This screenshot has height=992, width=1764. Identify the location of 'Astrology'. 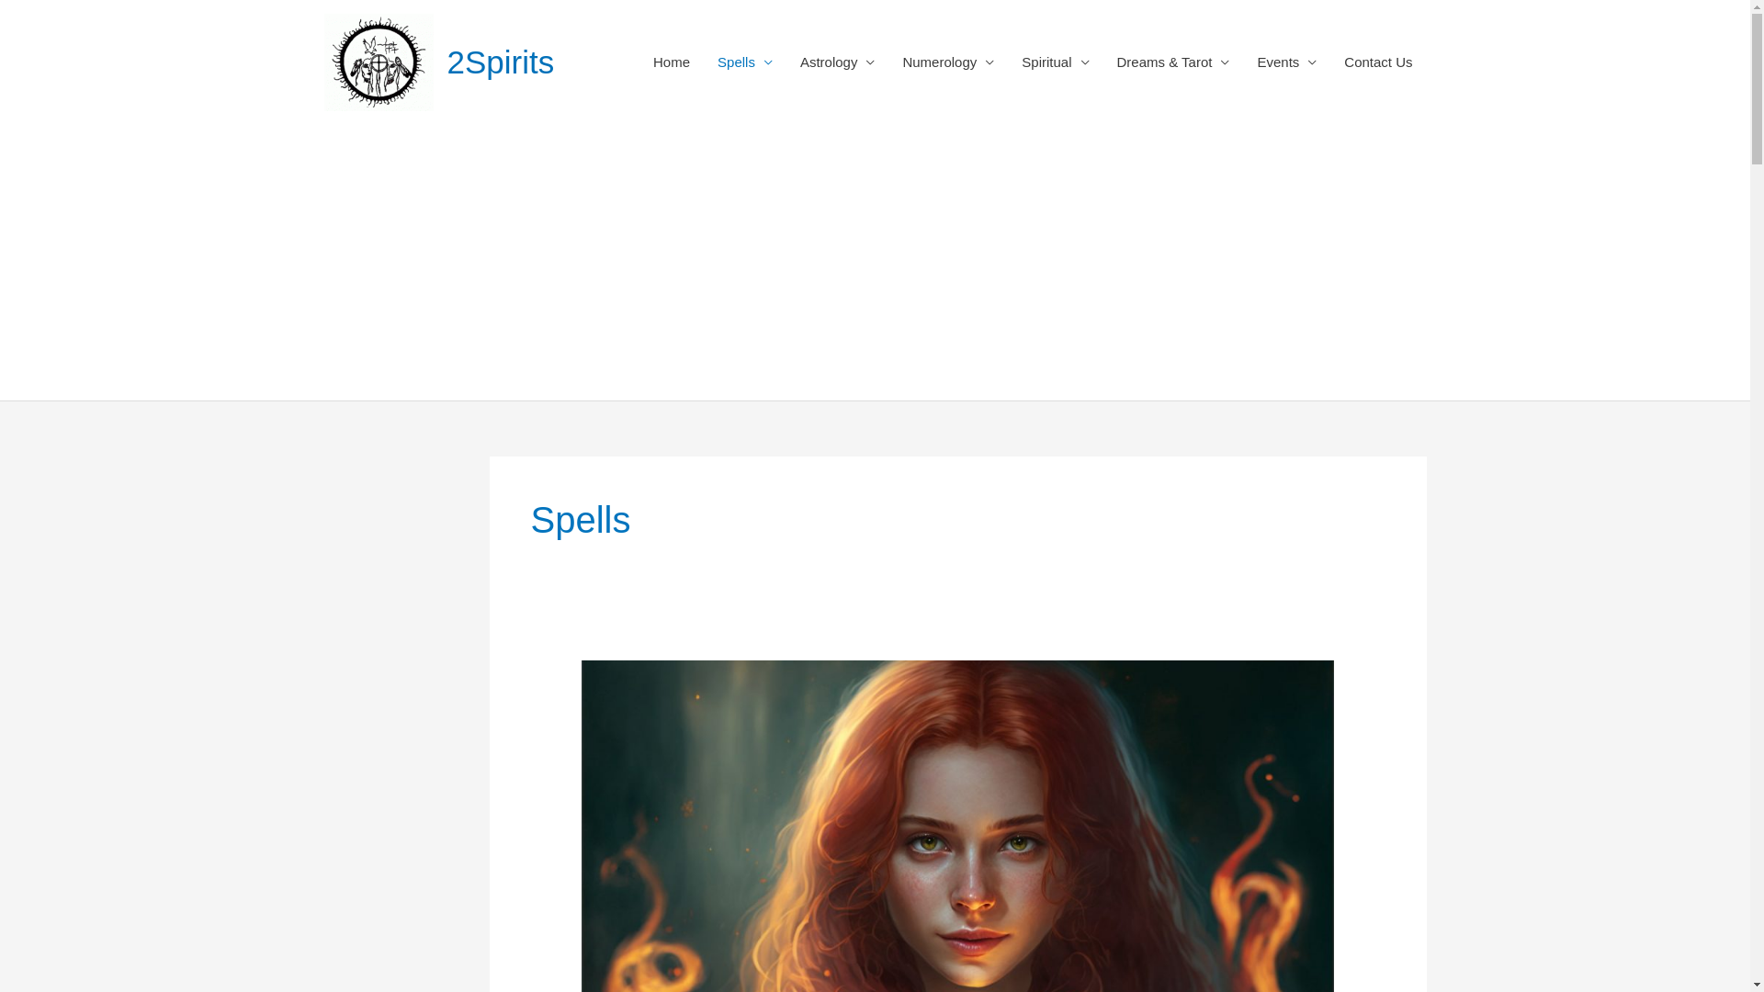
(837, 62).